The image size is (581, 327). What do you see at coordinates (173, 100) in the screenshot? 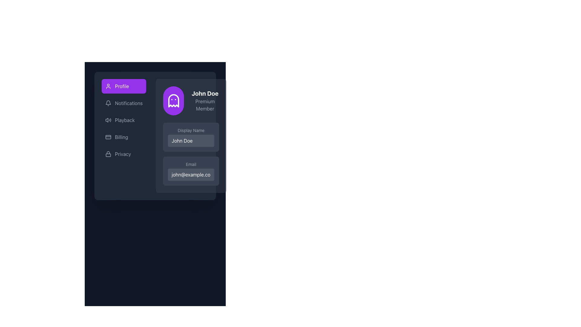
I see `the profile icon SVG graphic located in the top-left corner of the right-side section of the display card, which is part of the profile display box` at bounding box center [173, 100].